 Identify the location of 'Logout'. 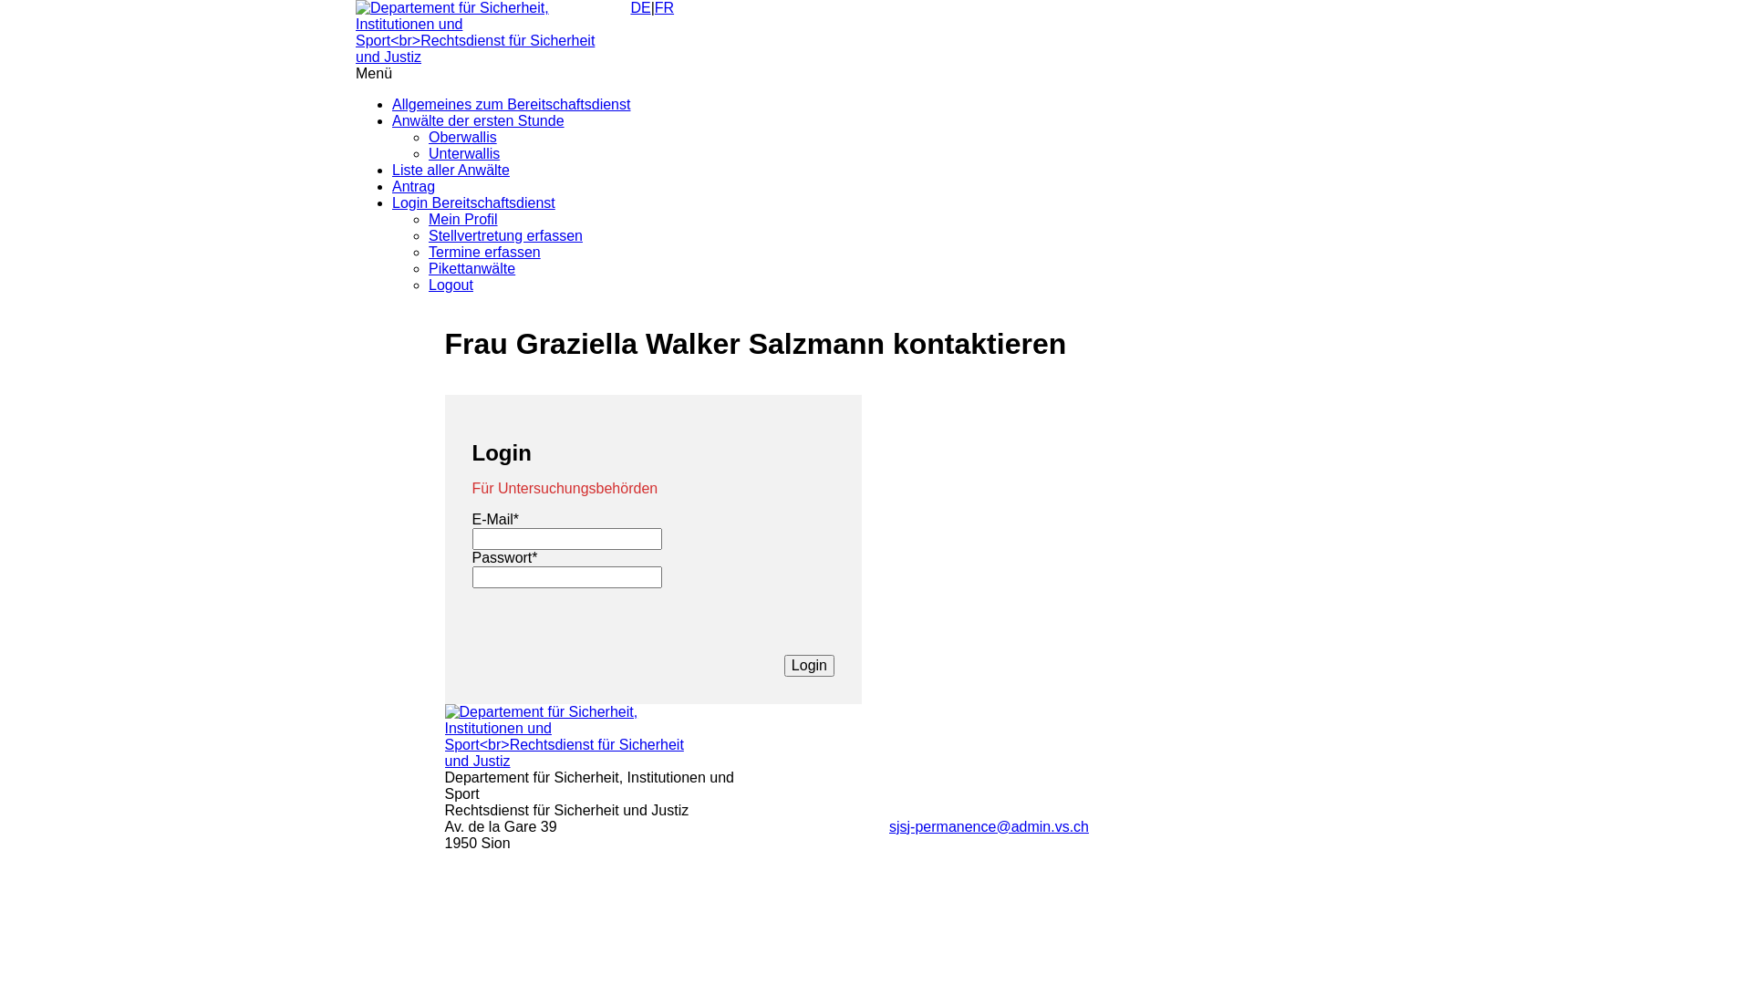
(451, 285).